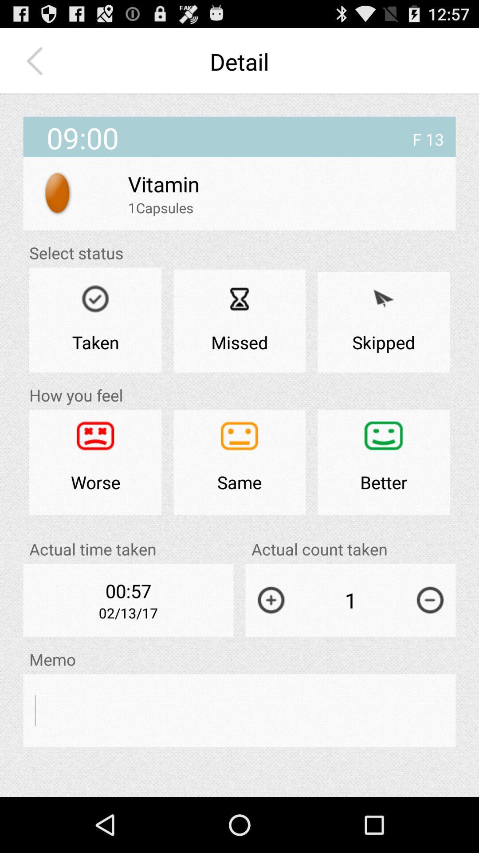  Describe the element at coordinates (239, 462) in the screenshot. I see `same` at that location.